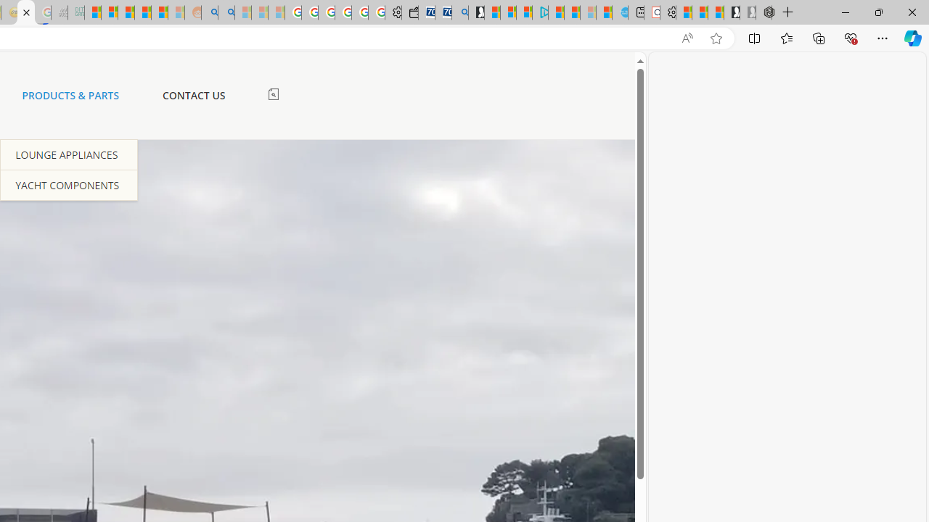 The height and width of the screenshot is (522, 929). I want to click on 'Play Free Online Games | Games from Microsoft Start', so click(732, 12).